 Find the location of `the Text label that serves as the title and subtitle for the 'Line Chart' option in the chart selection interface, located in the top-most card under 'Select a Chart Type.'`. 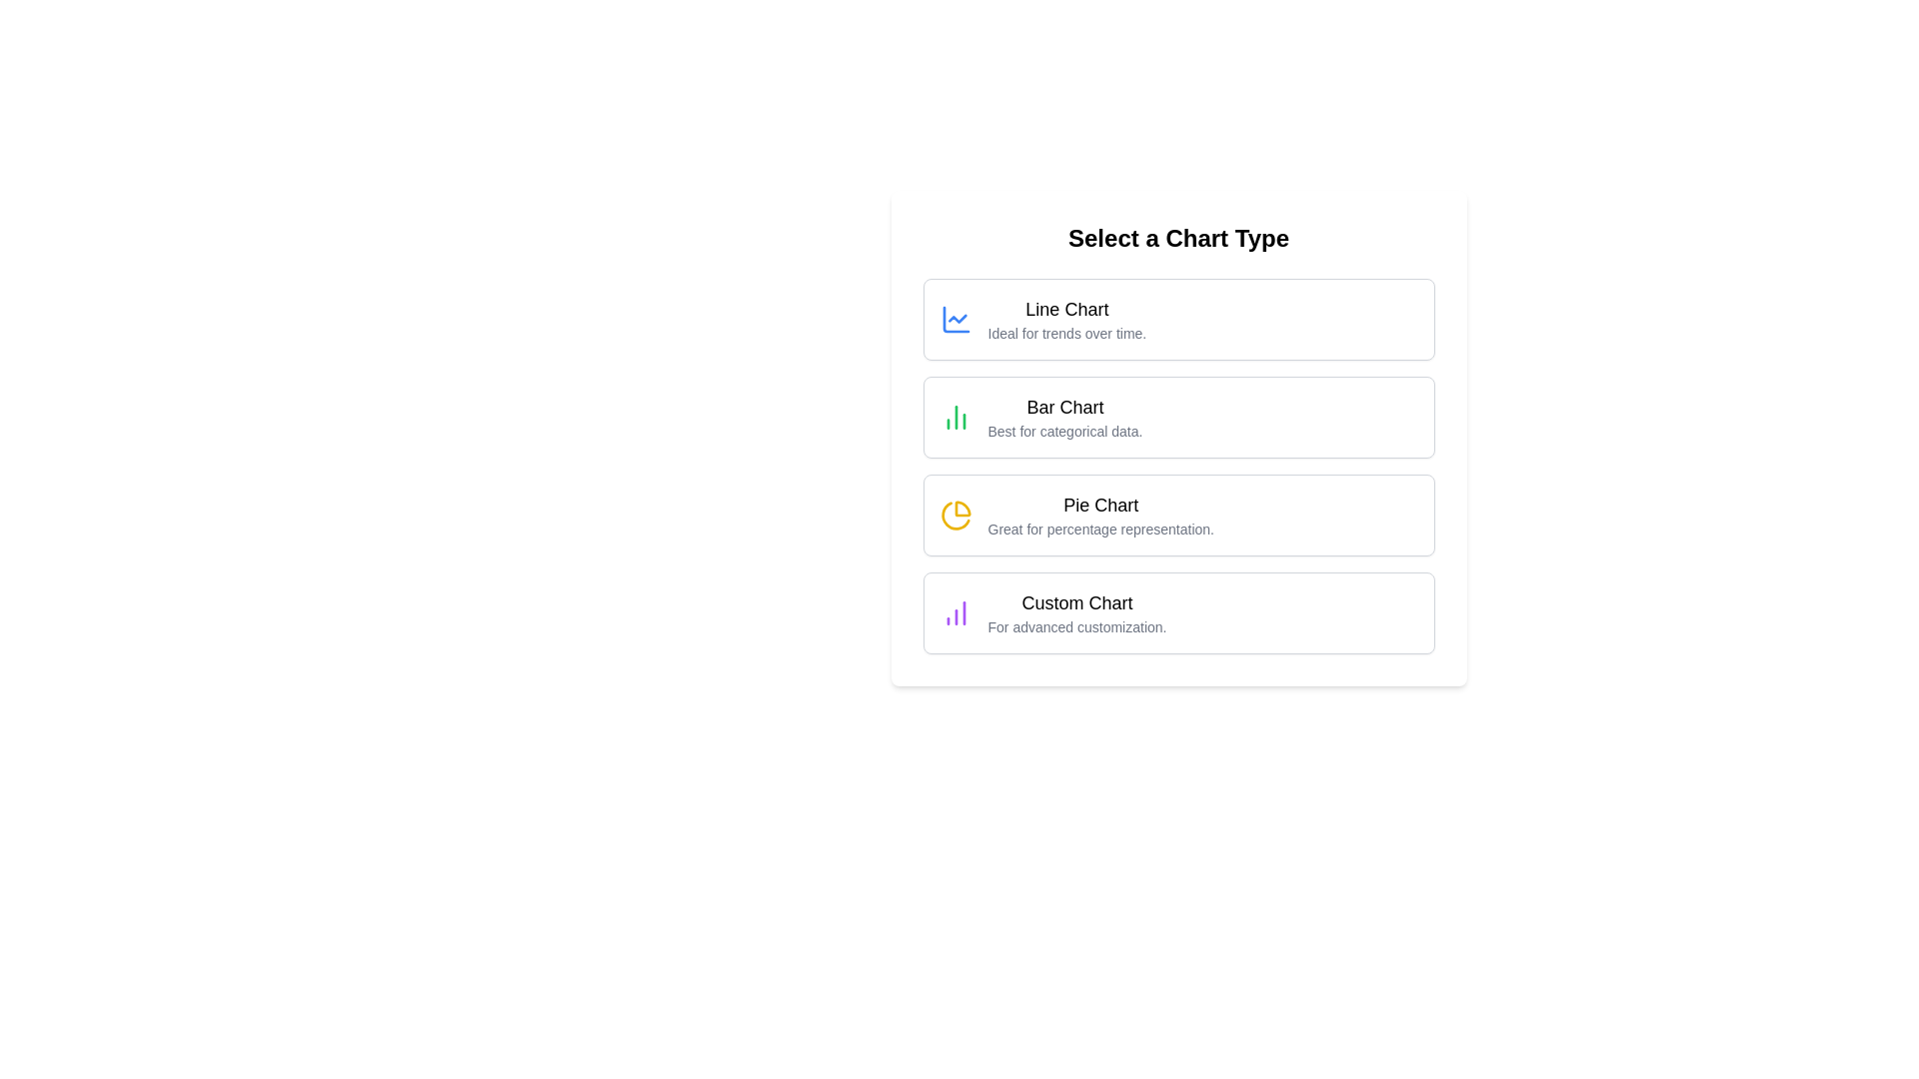

the Text label that serves as the title and subtitle for the 'Line Chart' option in the chart selection interface, located in the top-most card under 'Select a Chart Type.' is located at coordinates (1065, 319).